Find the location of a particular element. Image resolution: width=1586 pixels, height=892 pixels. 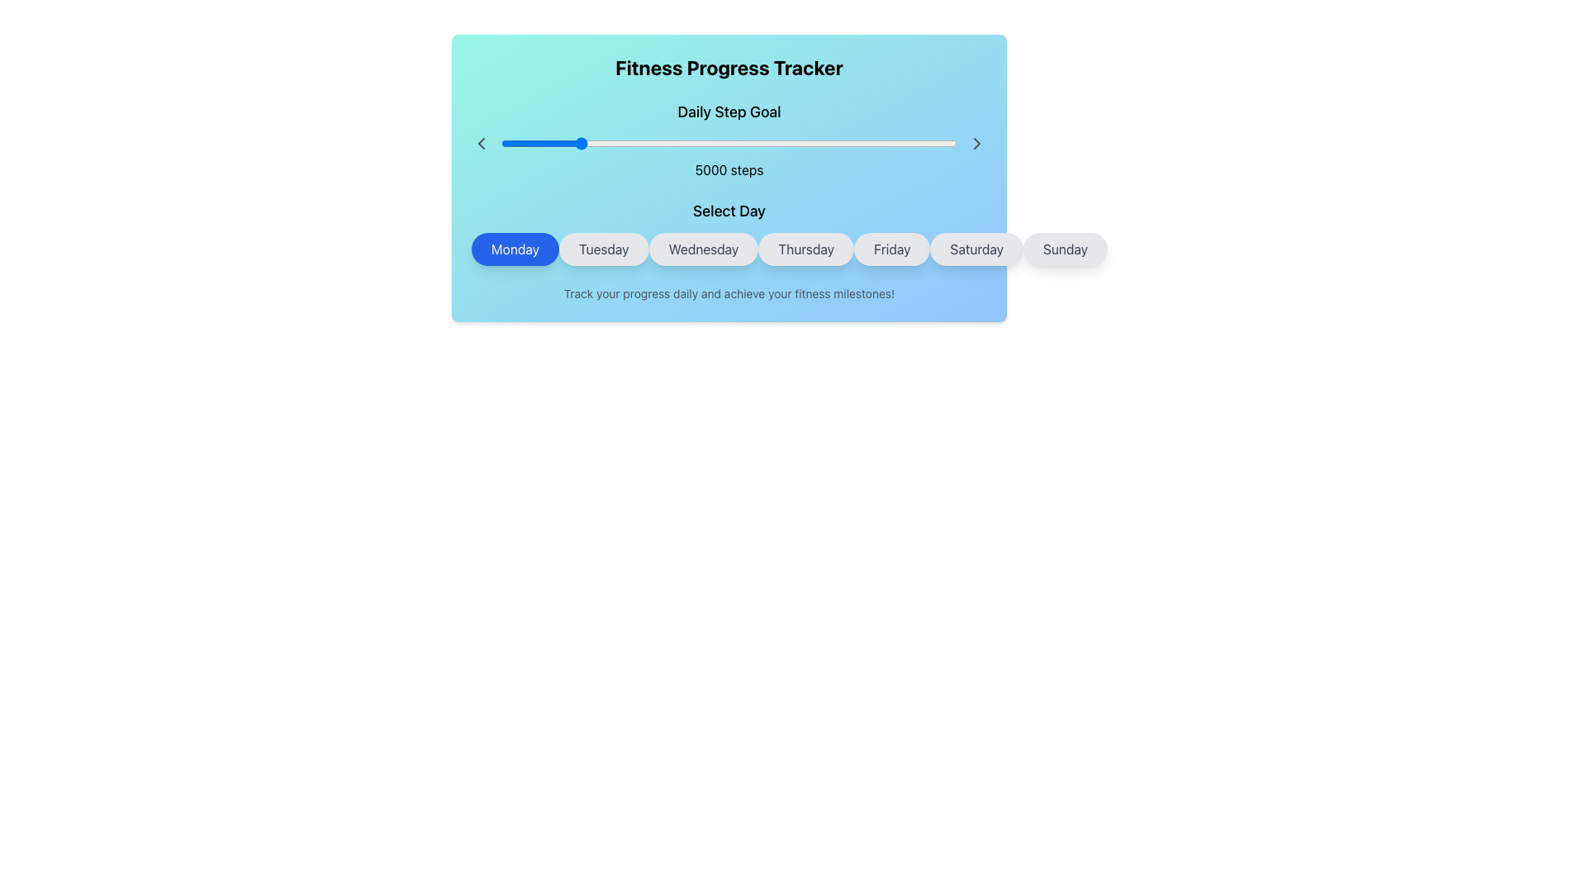

the 'Sunday' button is located at coordinates (1066, 249).